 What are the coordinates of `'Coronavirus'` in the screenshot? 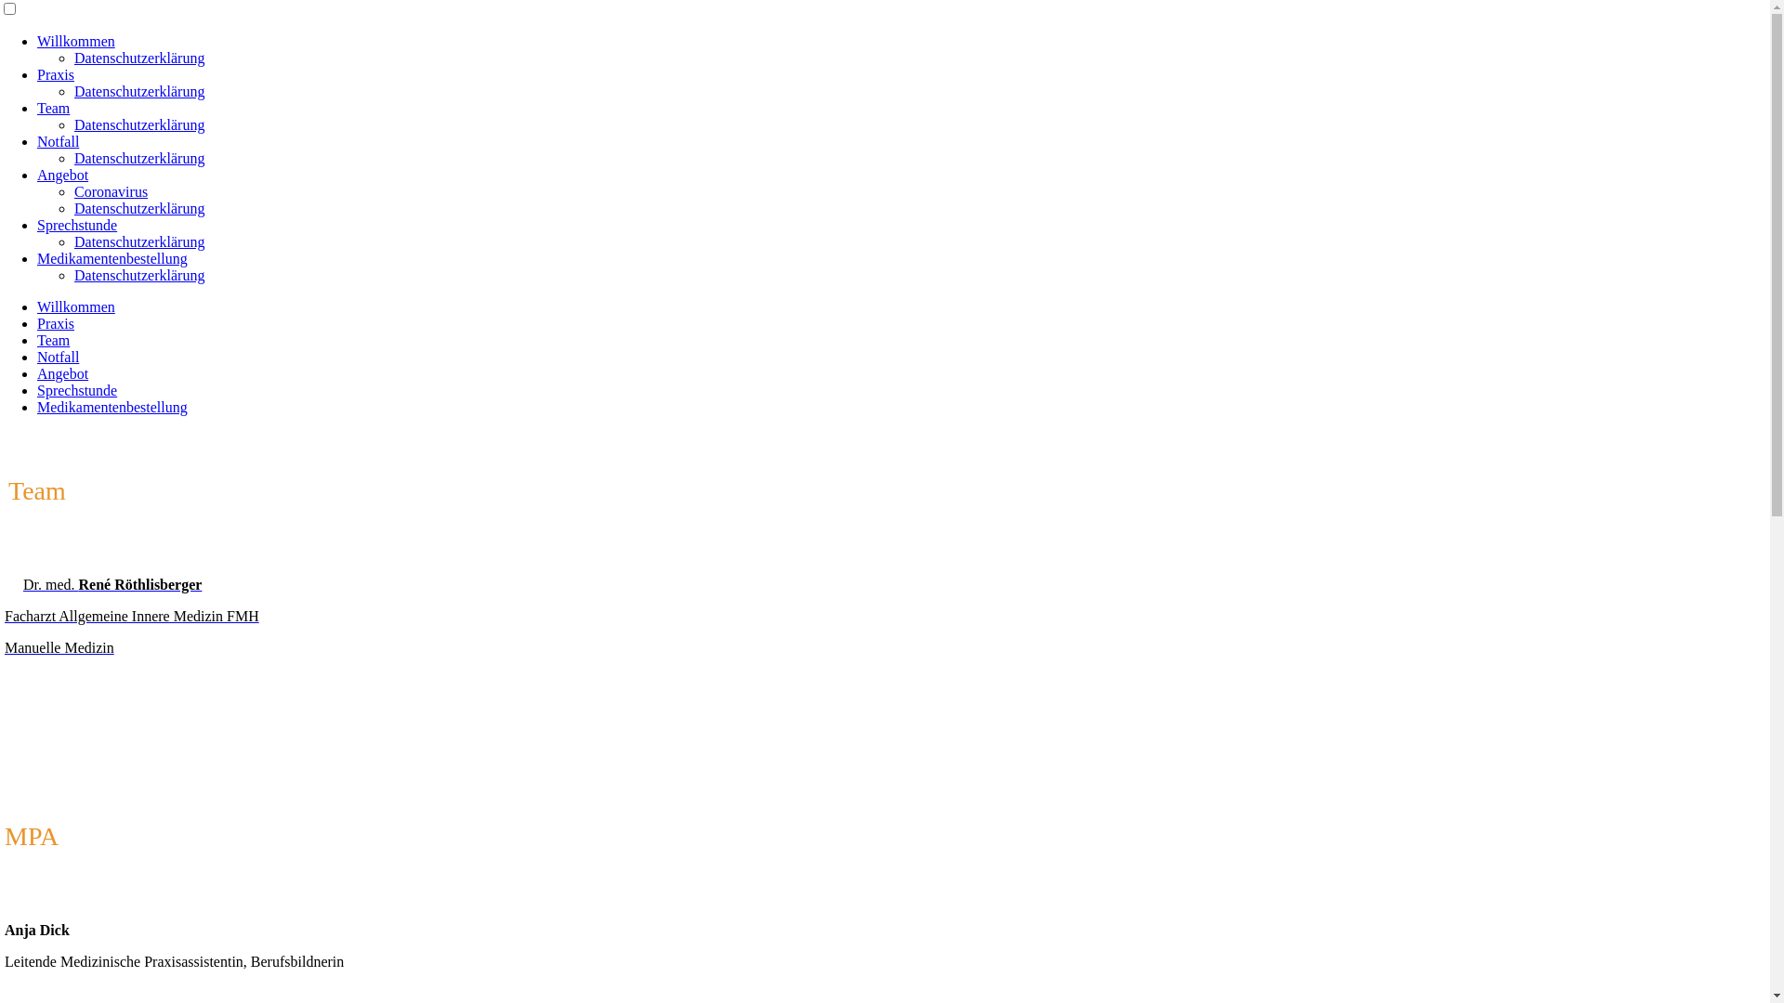 It's located at (74, 191).